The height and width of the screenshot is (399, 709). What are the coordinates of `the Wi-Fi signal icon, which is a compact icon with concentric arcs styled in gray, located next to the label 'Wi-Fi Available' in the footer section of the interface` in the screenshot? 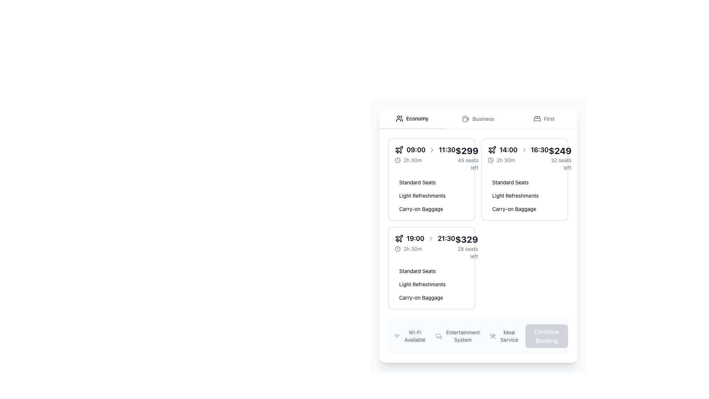 It's located at (397, 336).